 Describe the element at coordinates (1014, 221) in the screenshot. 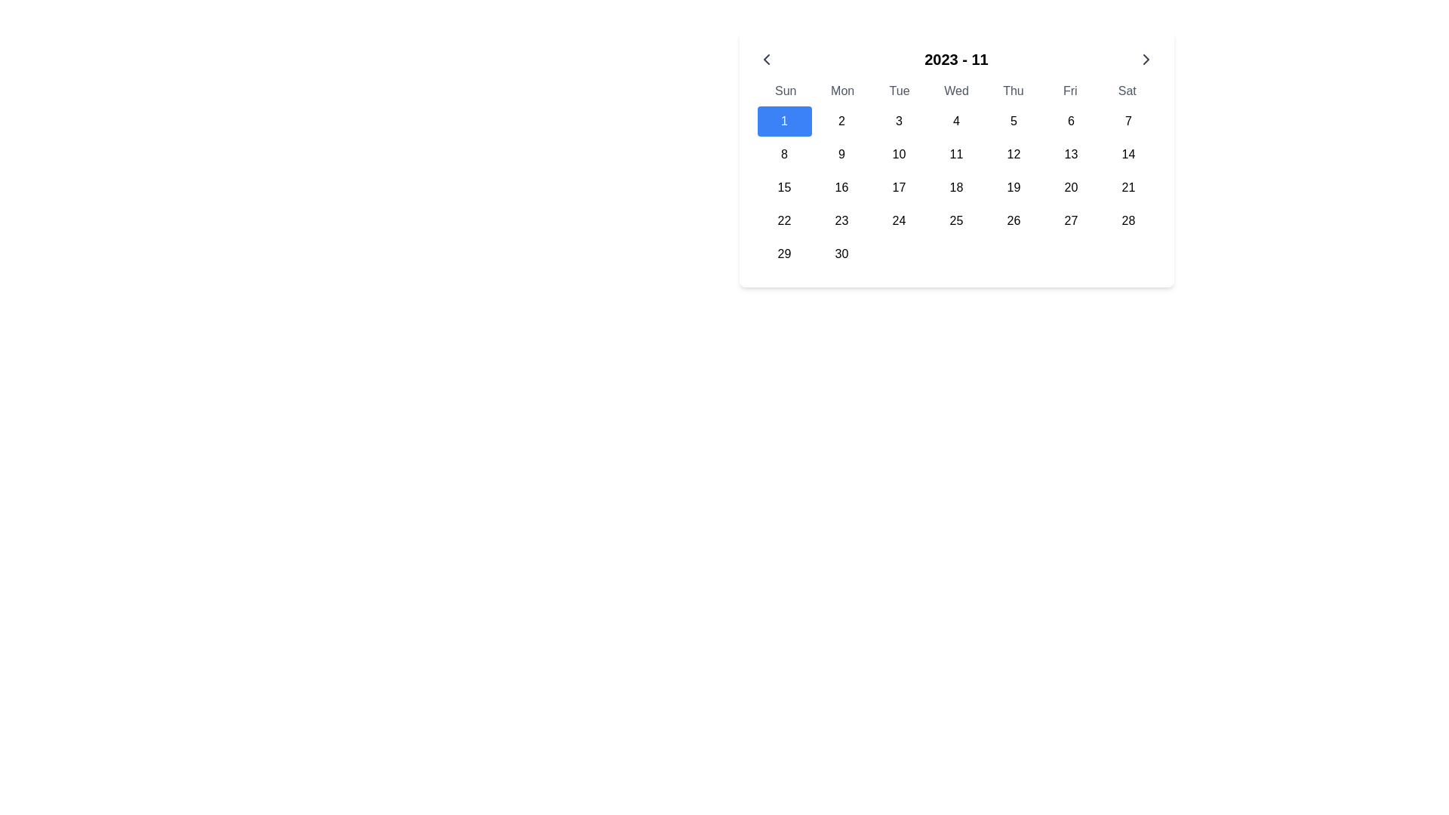

I see `the button displaying the number '26' in the calendar layout to trigger the hover effect` at that location.